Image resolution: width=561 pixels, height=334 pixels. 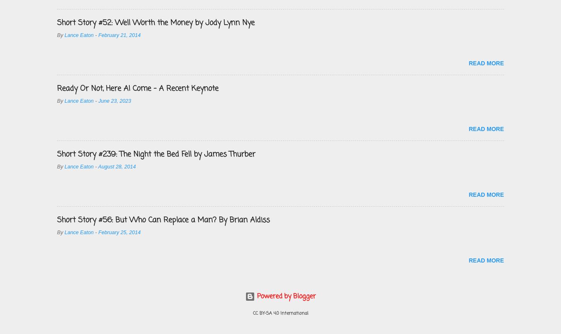 What do you see at coordinates (117, 166) in the screenshot?
I see `'August 28, 2014'` at bounding box center [117, 166].